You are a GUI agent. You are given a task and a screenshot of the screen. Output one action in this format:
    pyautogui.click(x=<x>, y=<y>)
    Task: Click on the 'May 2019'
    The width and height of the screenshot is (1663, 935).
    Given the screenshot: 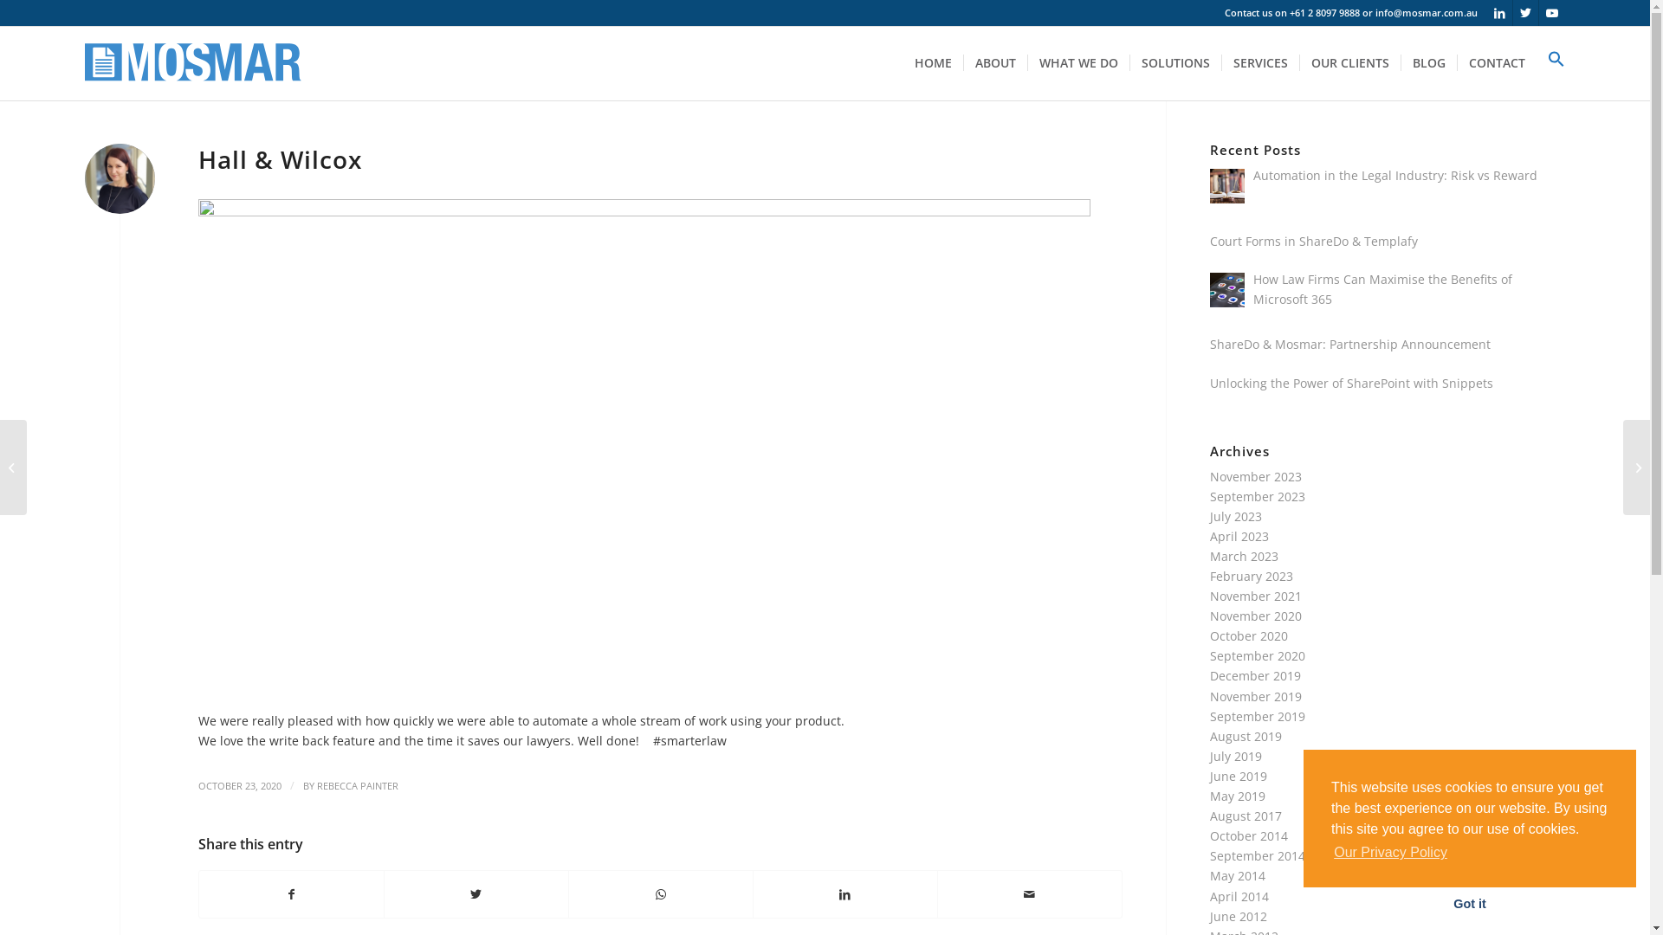 What is the action you would take?
    pyautogui.click(x=1237, y=796)
    